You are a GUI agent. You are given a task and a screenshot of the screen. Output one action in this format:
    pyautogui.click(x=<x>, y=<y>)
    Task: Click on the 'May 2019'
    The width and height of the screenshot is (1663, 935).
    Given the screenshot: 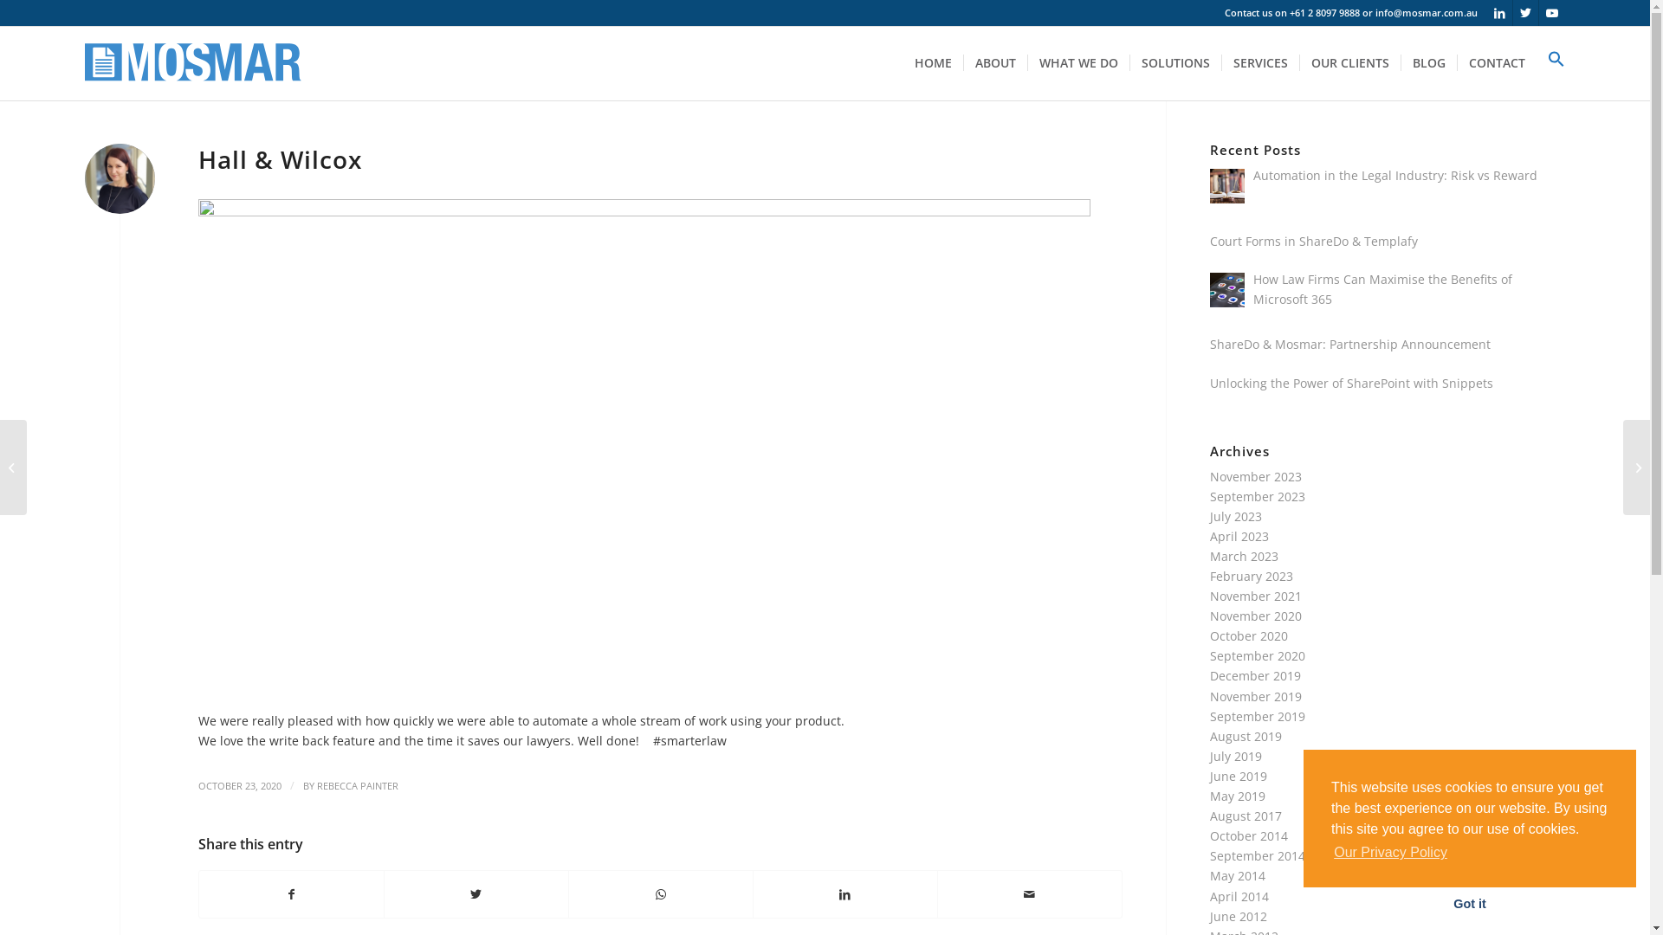 What is the action you would take?
    pyautogui.click(x=1237, y=796)
    